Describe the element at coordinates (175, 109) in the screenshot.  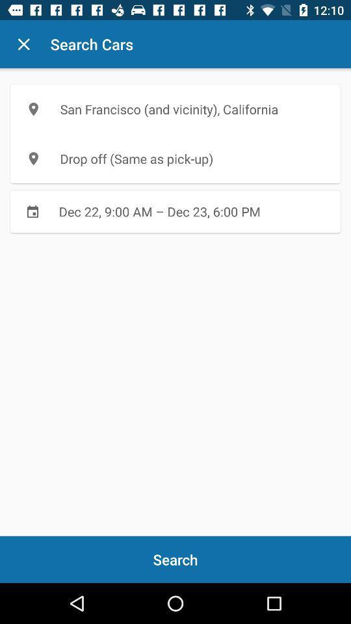
I see `san francisco and icon` at that location.